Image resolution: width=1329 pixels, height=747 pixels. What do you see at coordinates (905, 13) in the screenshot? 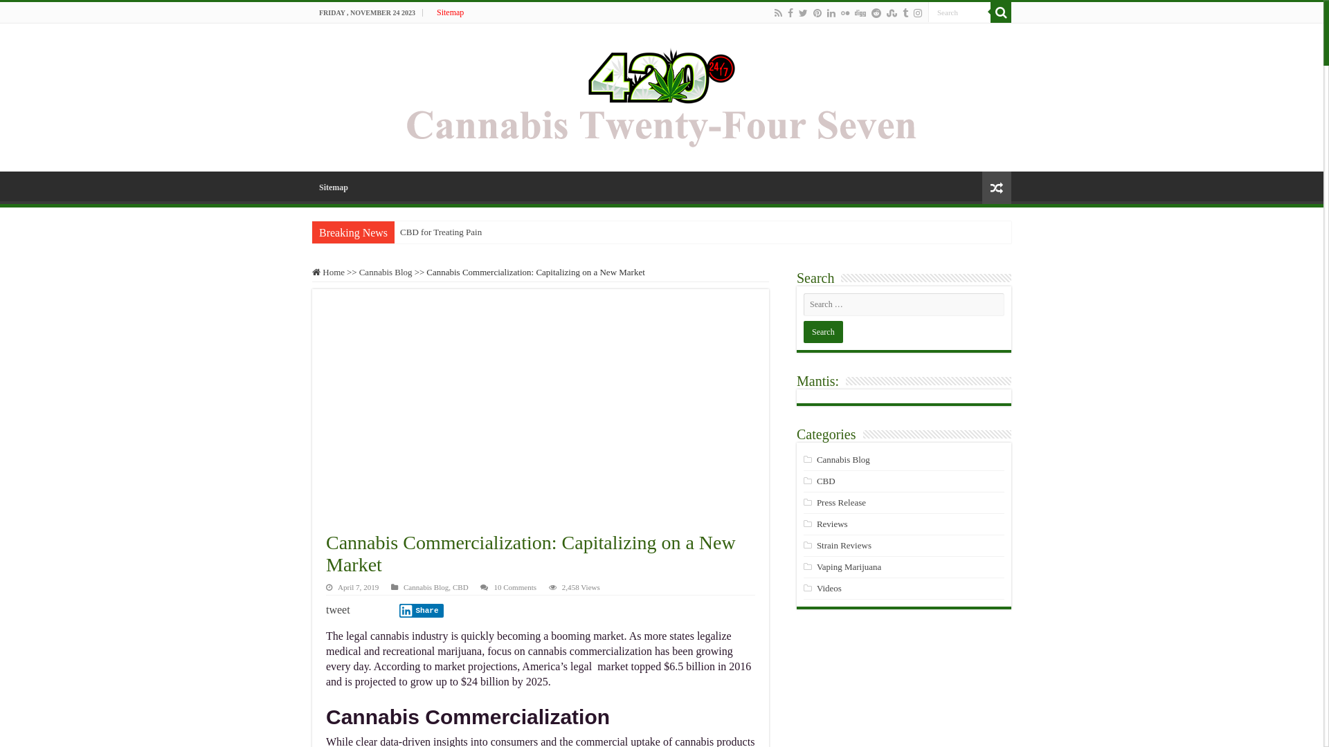
I see `'Tumblr'` at bounding box center [905, 13].